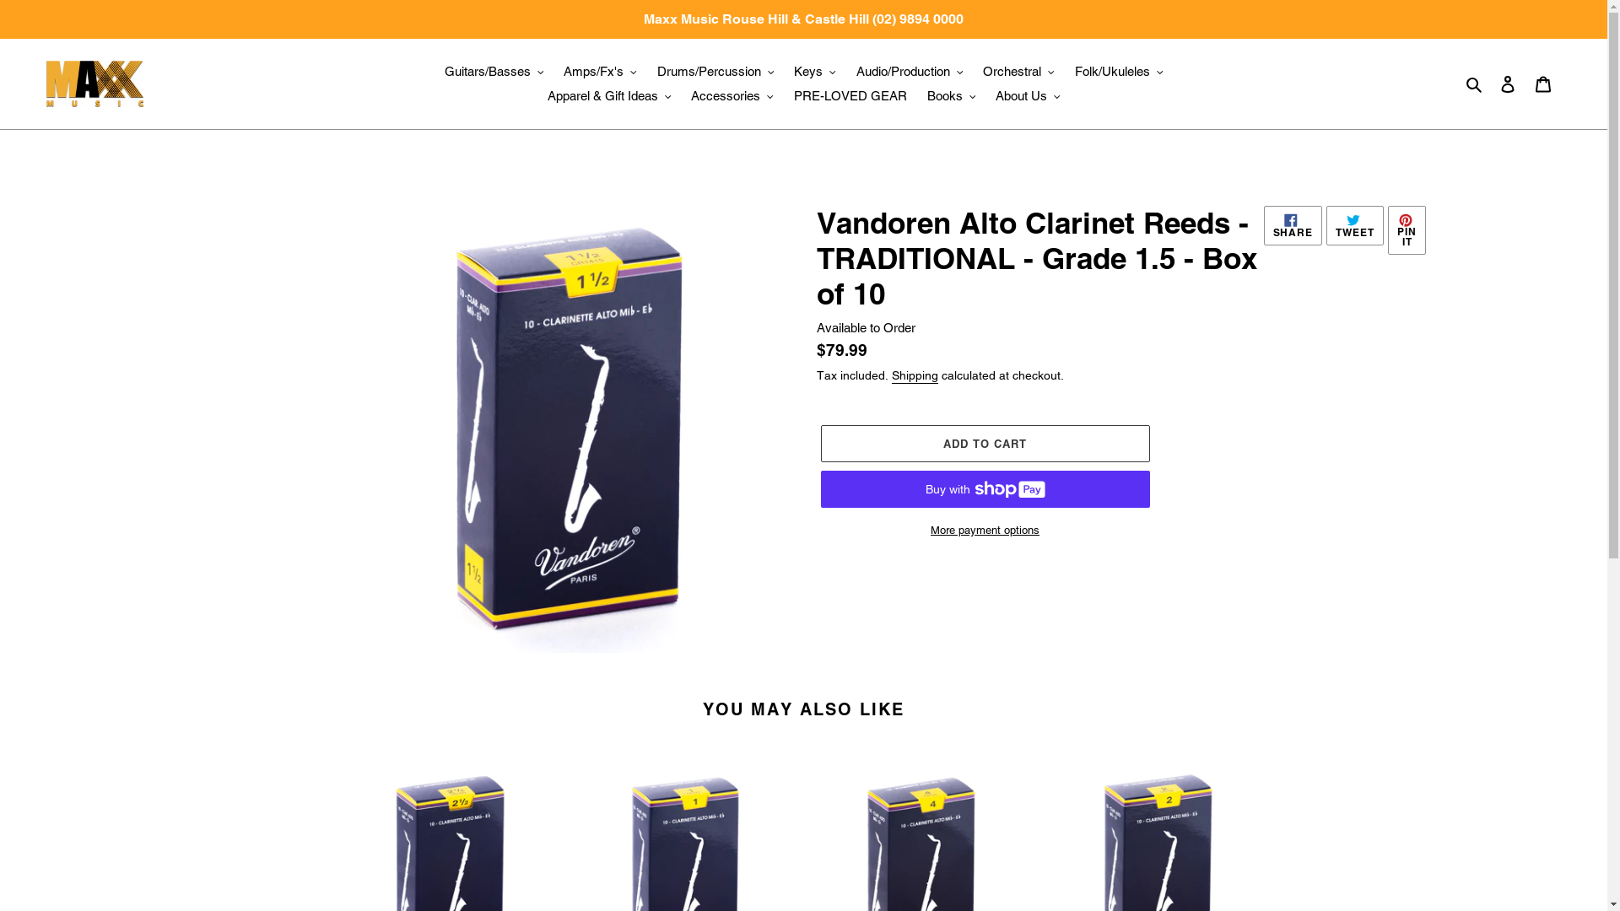 This screenshot has height=911, width=1620. I want to click on 'PRE-LOVED GEAR', so click(784, 96).